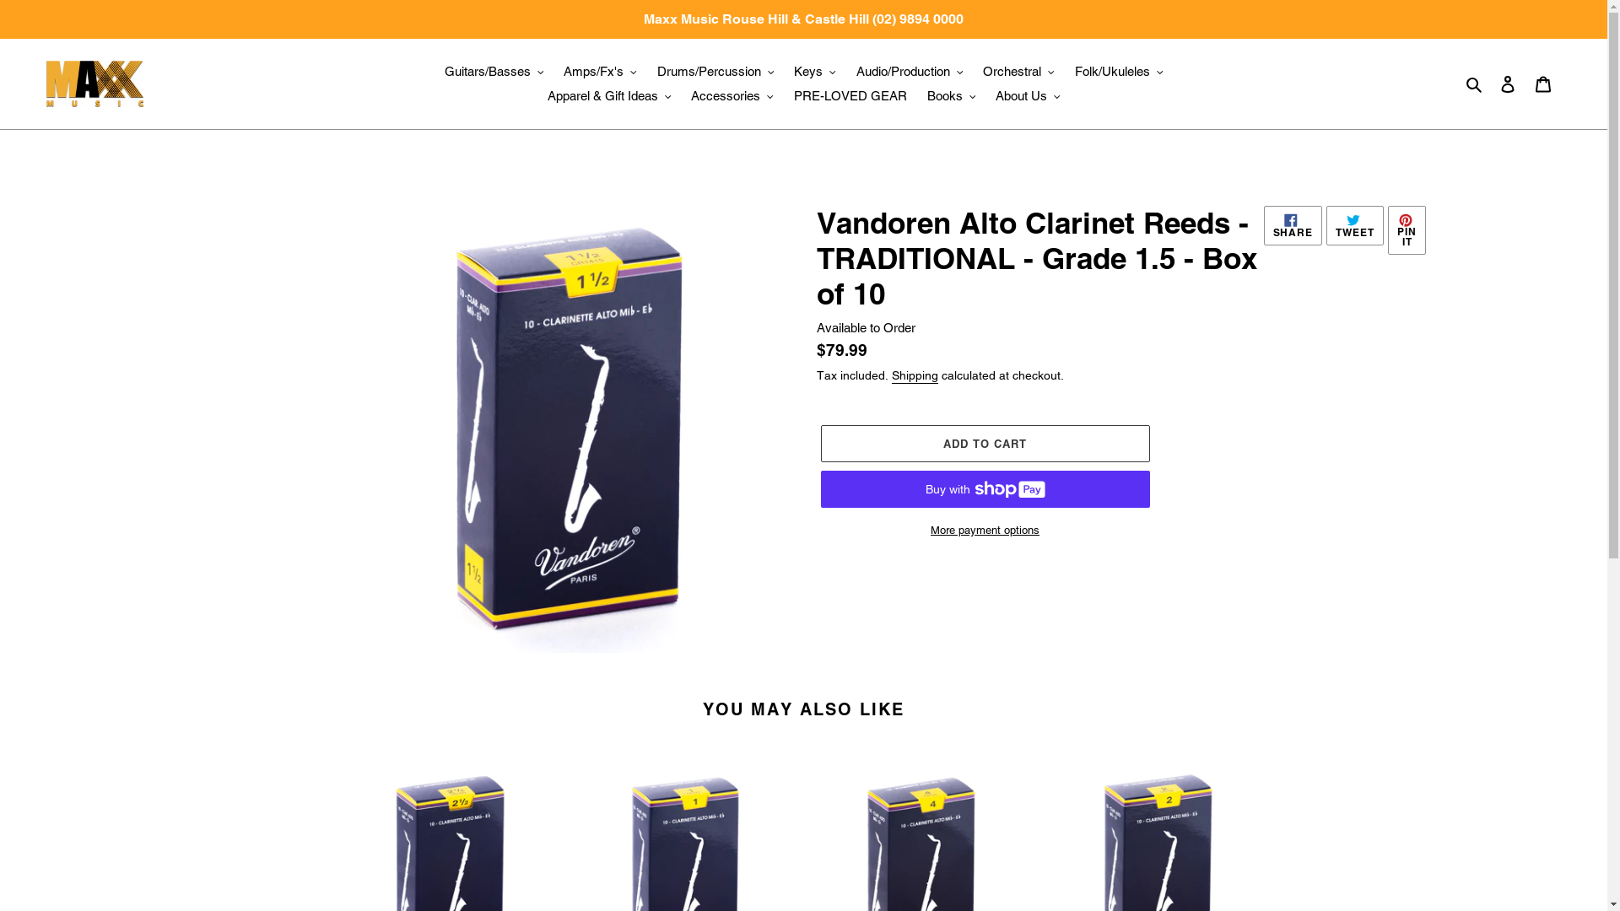 This screenshot has height=911, width=1620. I want to click on 'PRE-LOVED GEAR', so click(784, 96).